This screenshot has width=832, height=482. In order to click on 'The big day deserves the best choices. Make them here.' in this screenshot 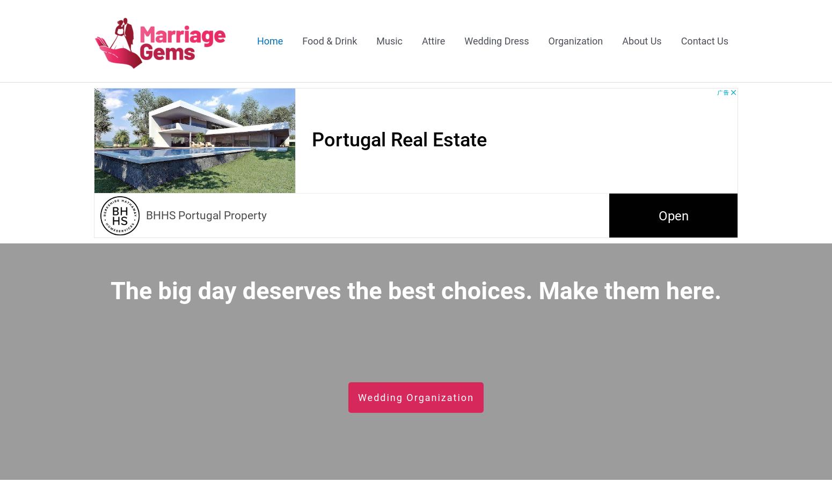, I will do `click(110, 291)`.